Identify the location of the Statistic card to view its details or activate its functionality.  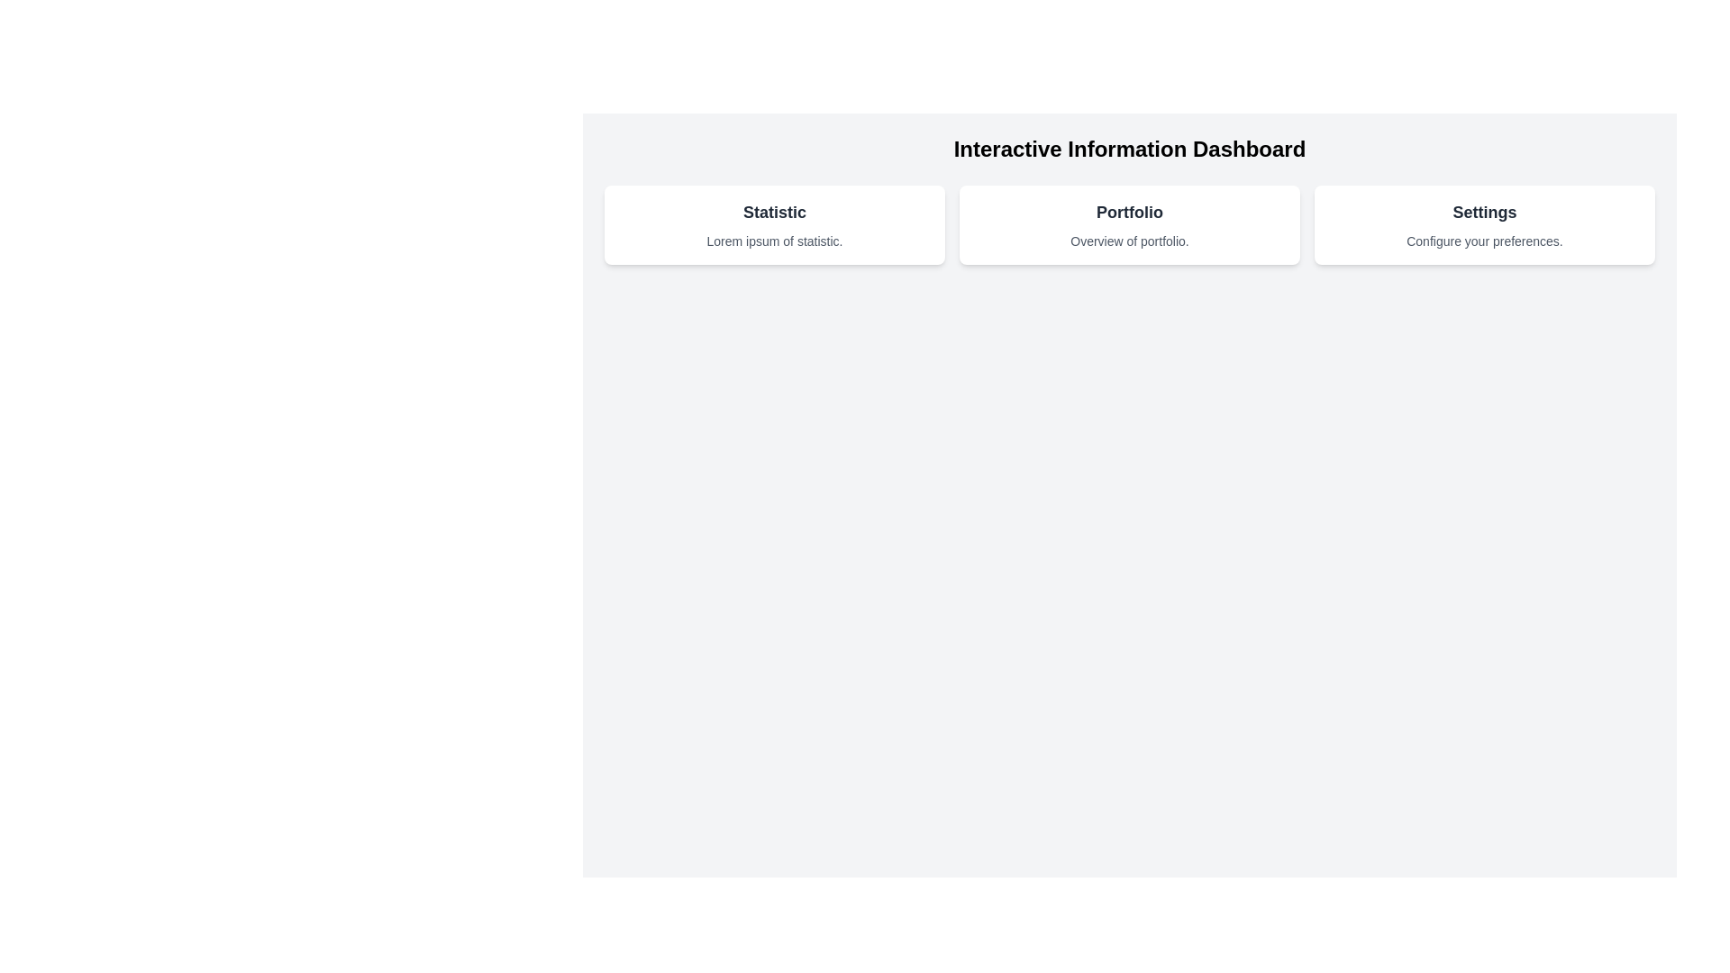
(774, 224).